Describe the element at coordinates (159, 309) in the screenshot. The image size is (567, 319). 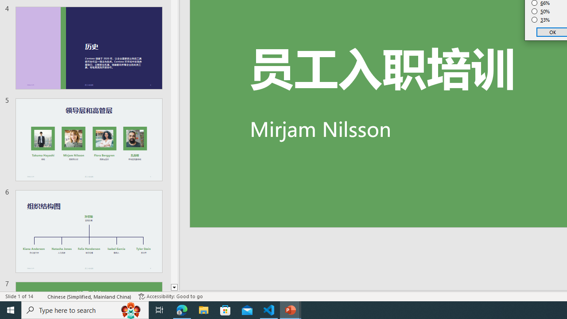
I see `'Task View'` at that location.